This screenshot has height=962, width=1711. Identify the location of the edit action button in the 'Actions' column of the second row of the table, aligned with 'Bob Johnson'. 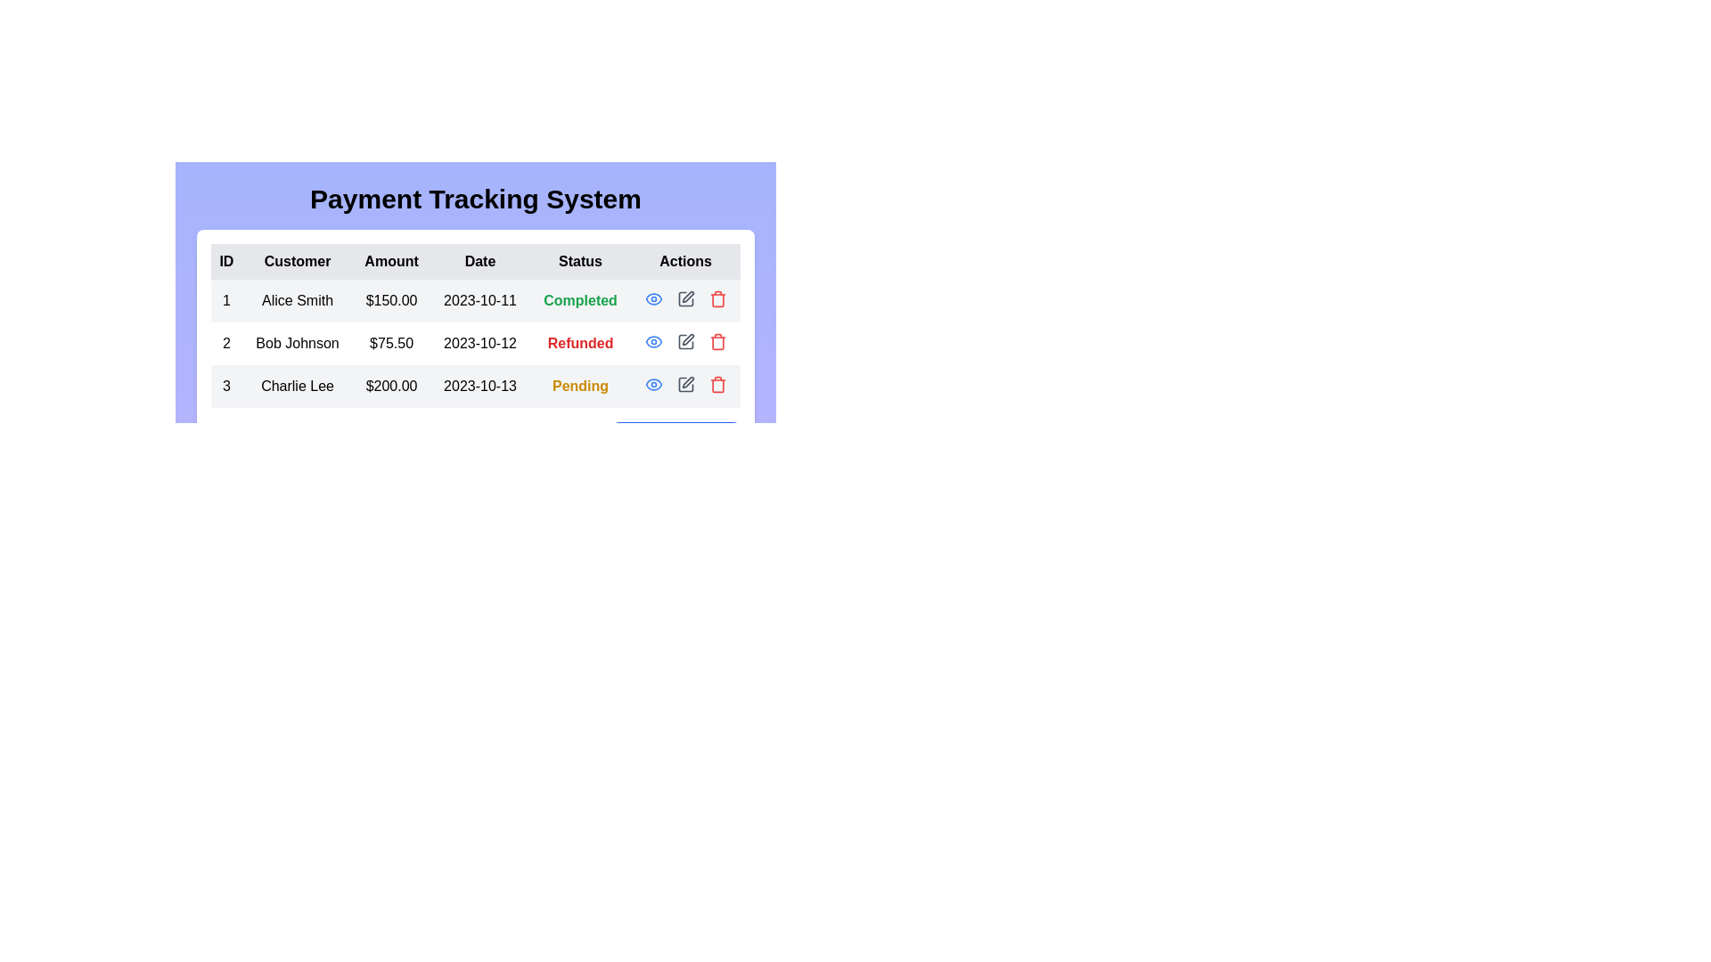
(687, 296).